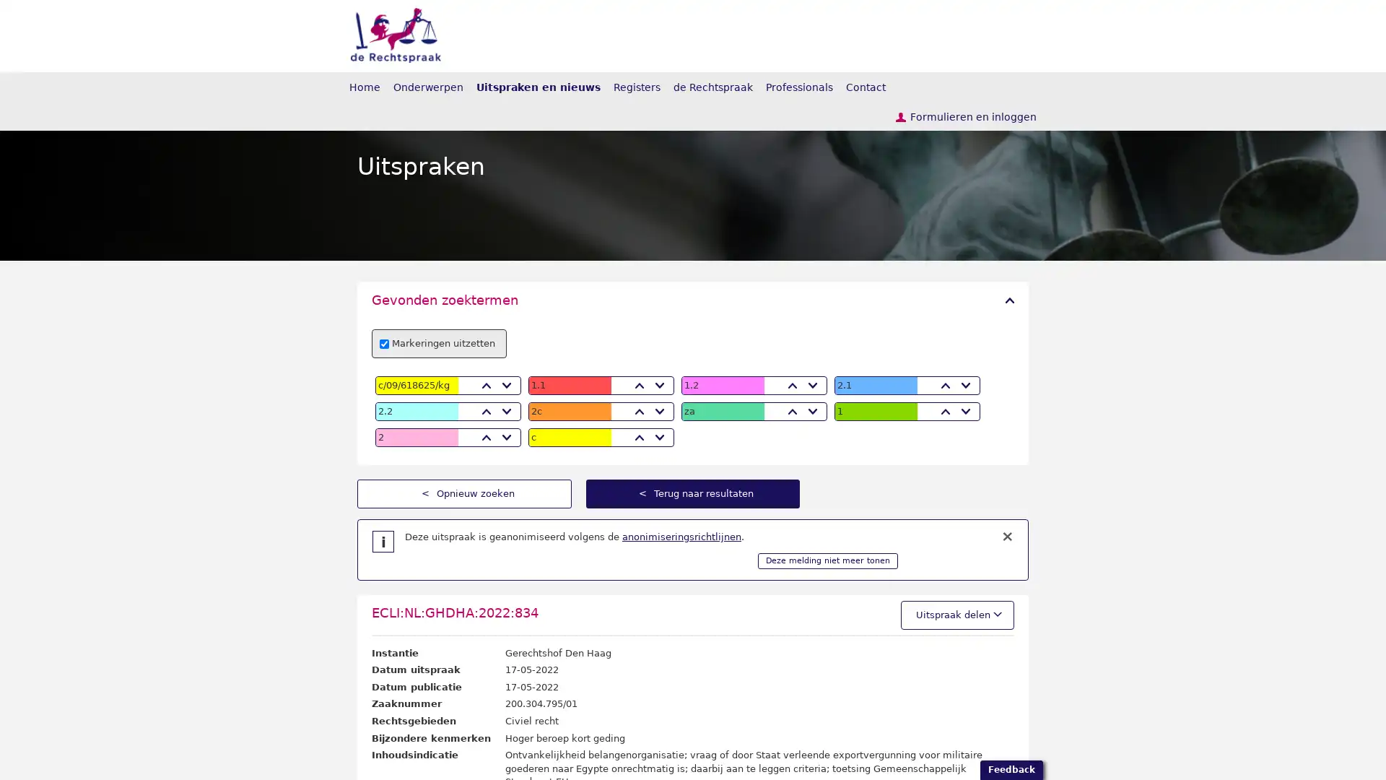  Describe the element at coordinates (486, 411) in the screenshot. I see `Vorige zoek term` at that location.